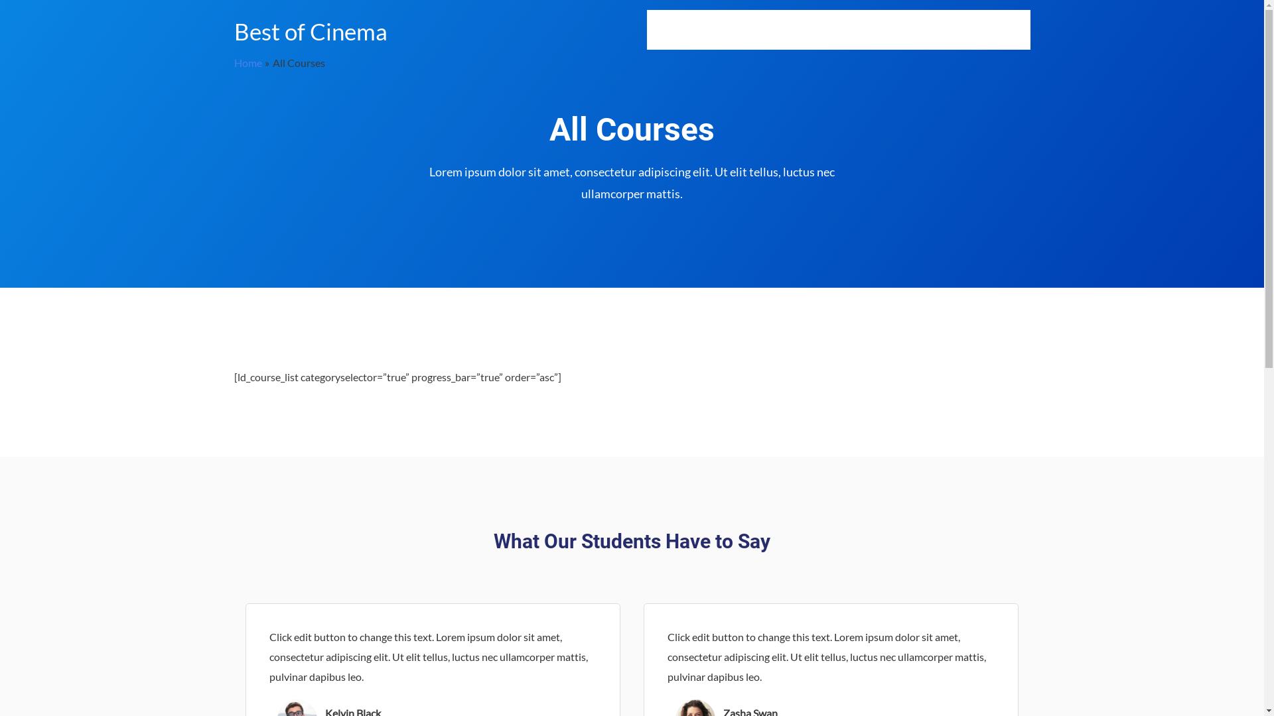 Image resolution: width=1274 pixels, height=716 pixels. What do you see at coordinates (1013, 30) in the screenshot?
I see `'Search'` at bounding box center [1013, 30].